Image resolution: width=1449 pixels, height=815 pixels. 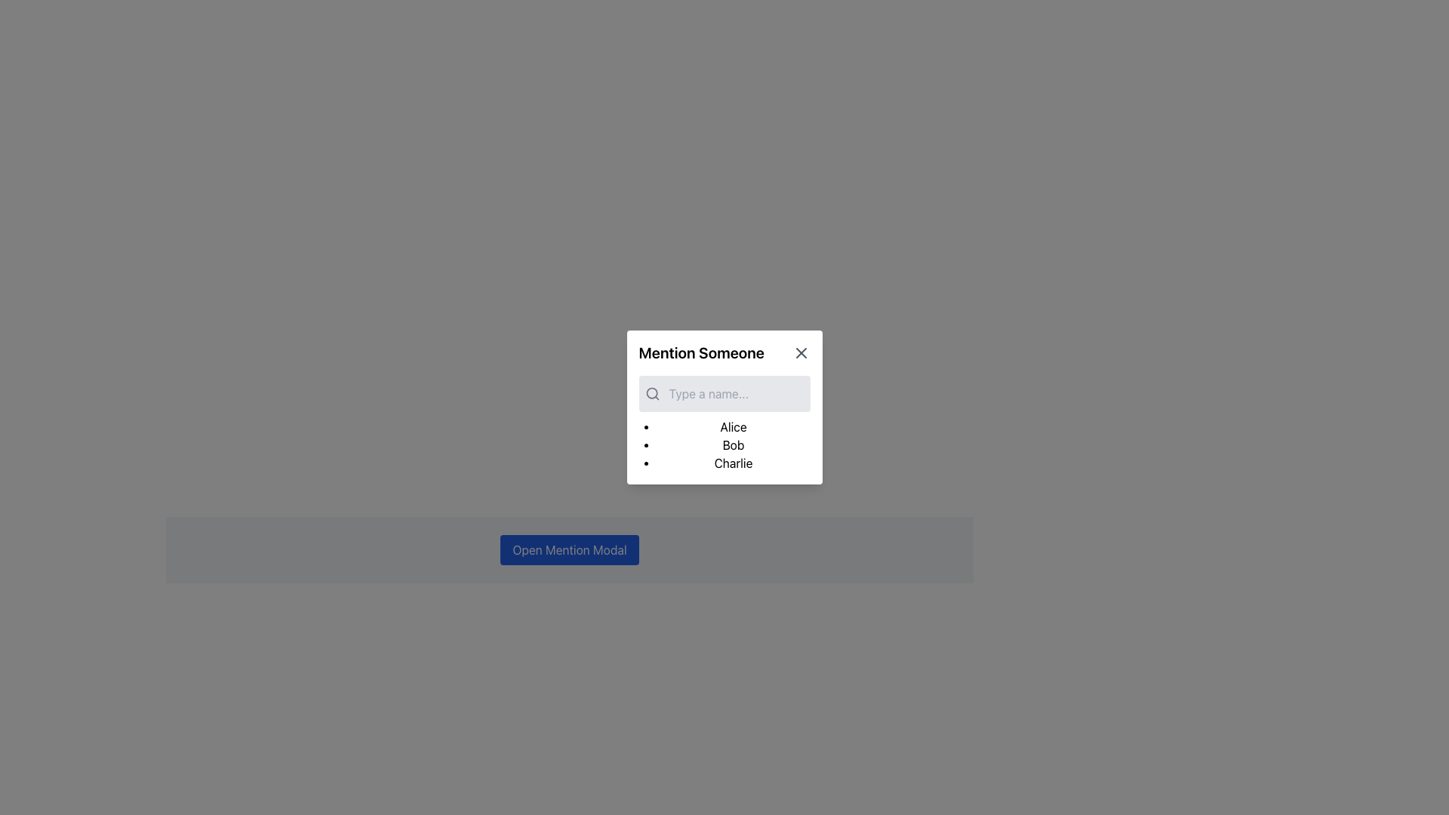 I want to click on the name in the vertical list within the 'Mention Someone' modal dialog, so click(x=733, y=444).